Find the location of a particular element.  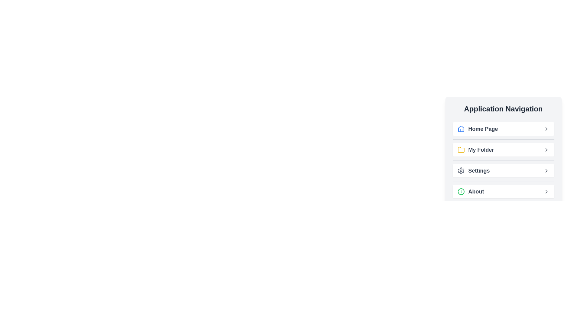

the rightward-pointing chevron icon with a black stroke located at the top right corner of the 'Settings' navigation option is located at coordinates (546, 170).